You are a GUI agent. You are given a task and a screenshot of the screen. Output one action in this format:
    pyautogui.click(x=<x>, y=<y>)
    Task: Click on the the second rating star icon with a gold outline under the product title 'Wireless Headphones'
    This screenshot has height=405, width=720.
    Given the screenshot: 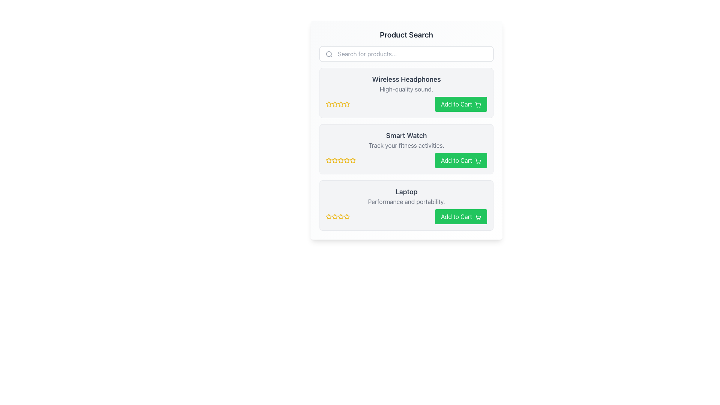 What is the action you would take?
    pyautogui.click(x=346, y=104)
    